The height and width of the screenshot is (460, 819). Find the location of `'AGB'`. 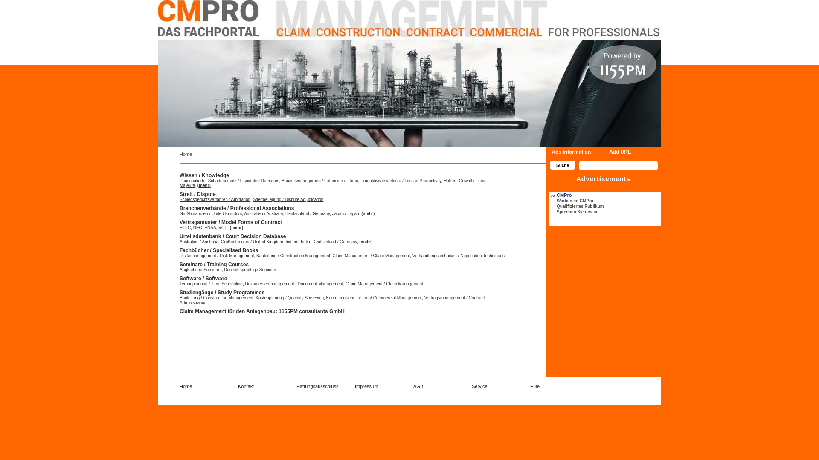

'AGB' is located at coordinates (418, 386).